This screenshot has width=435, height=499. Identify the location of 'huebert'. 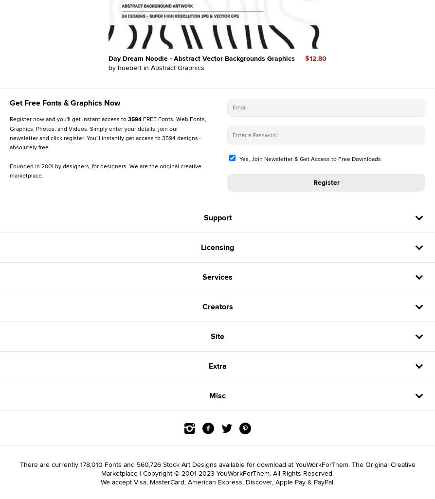
(117, 67).